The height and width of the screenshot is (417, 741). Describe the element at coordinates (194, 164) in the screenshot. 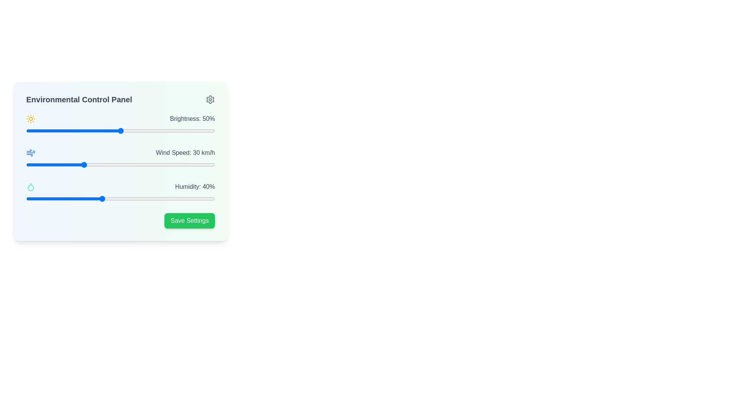

I see `the wind speed` at that location.